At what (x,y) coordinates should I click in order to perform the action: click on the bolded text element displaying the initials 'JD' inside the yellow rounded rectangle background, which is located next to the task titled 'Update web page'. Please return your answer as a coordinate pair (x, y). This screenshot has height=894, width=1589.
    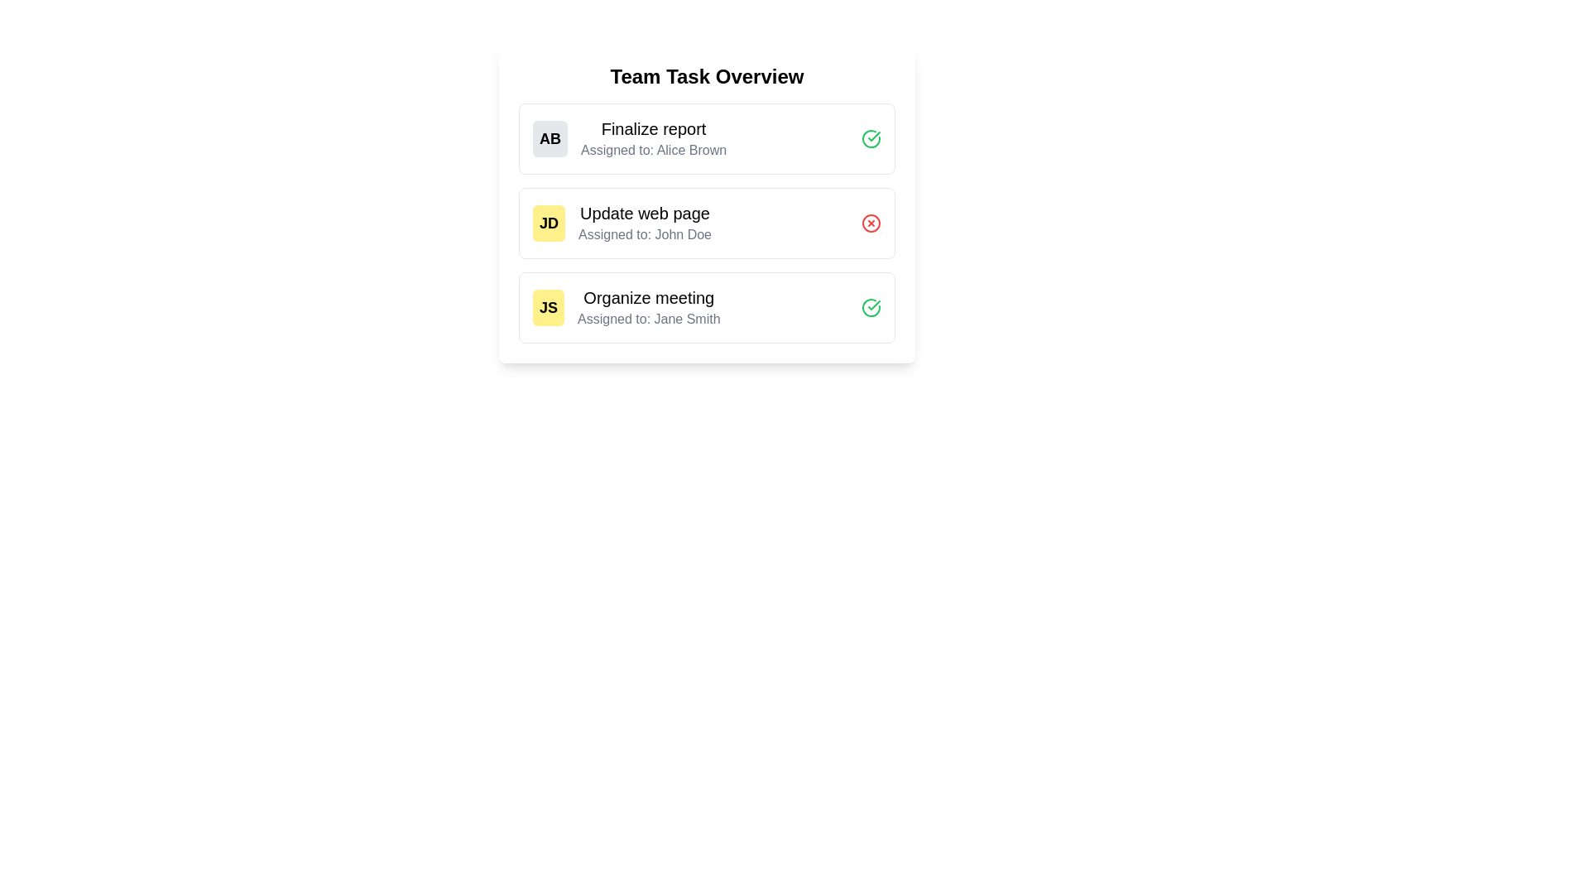
    Looking at the image, I should click on (549, 223).